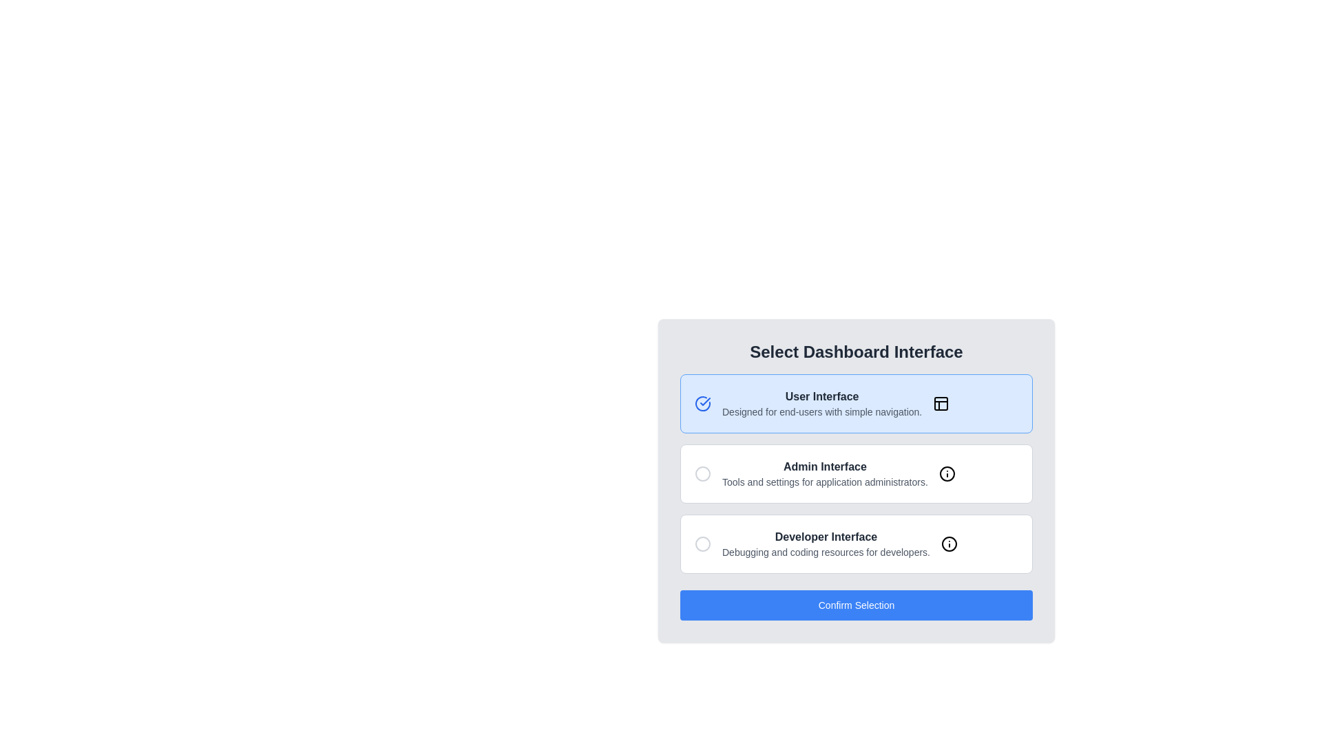 This screenshot has width=1322, height=743. What do you see at coordinates (705, 401) in the screenshot?
I see `the blue checkmark icon, which is part of a circular SVG element associated with the 'User Interface' option at the top of the choices` at bounding box center [705, 401].